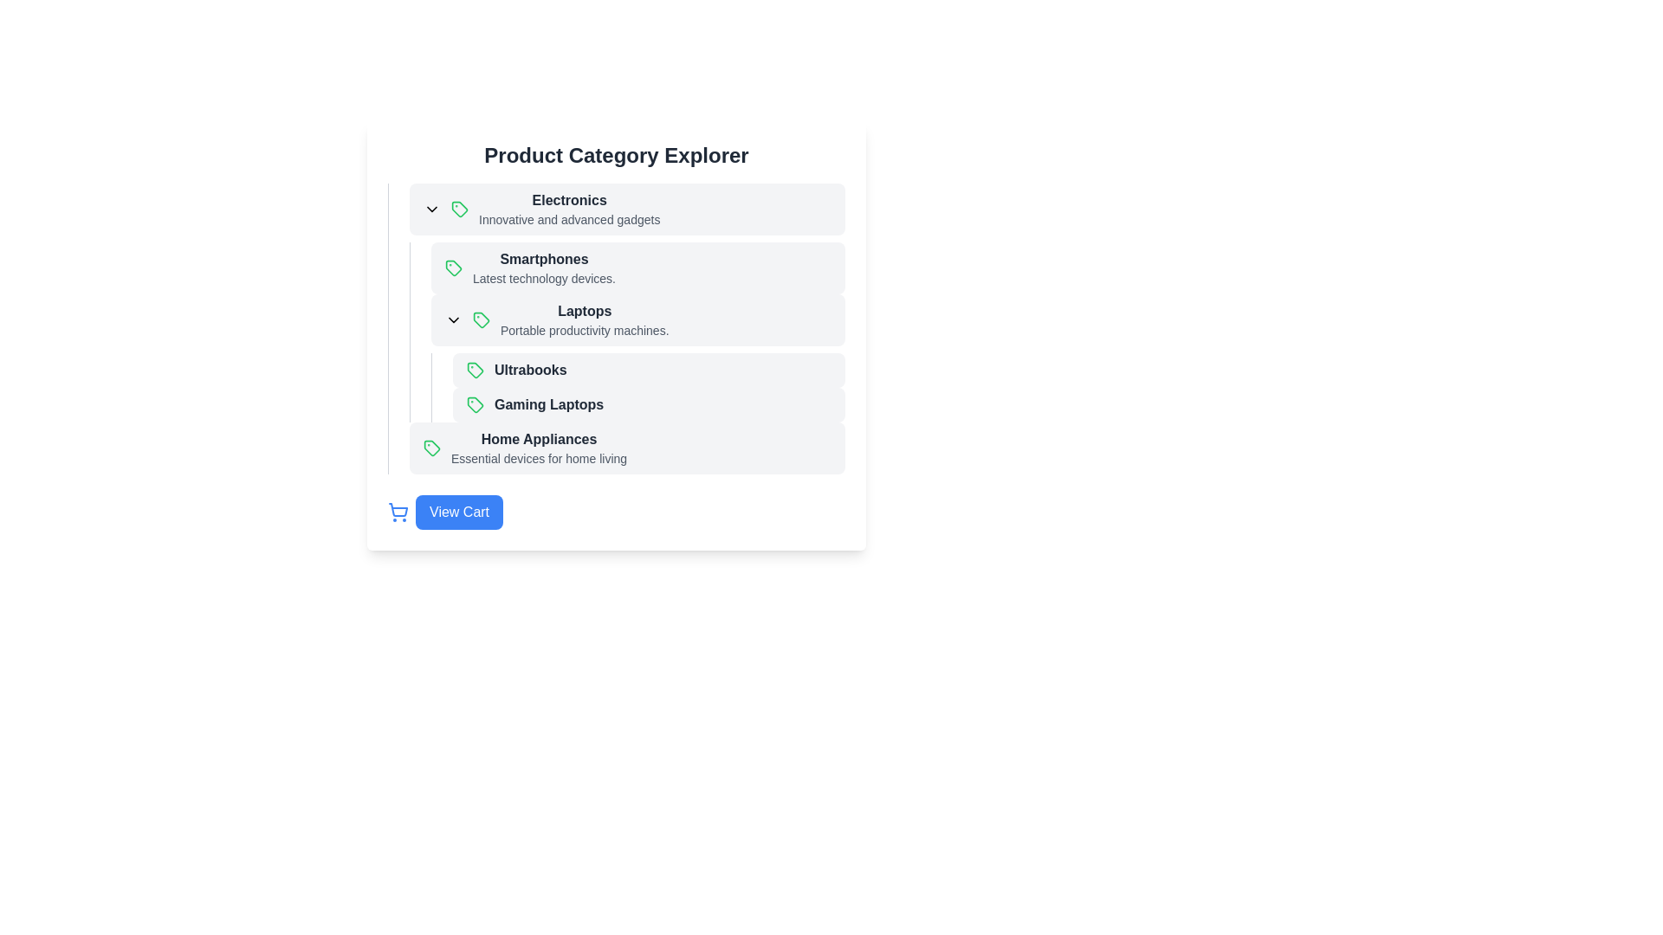 Image resolution: width=1663 pixels, height=935 pixels. Describe the element at coordinates (543, 268) in the screenshot. I see `the label titled 'Smartphones'` at that location.